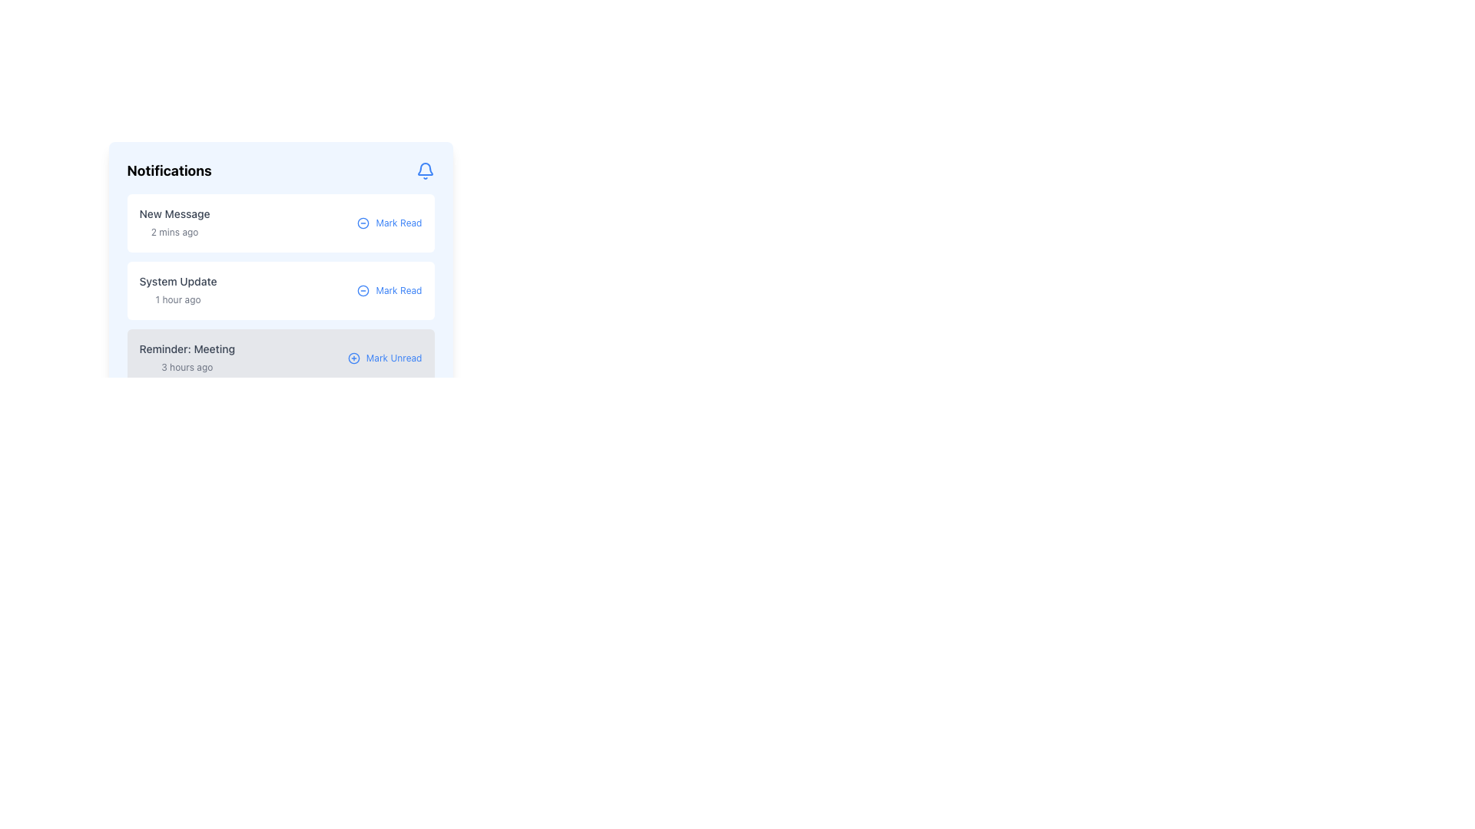 This screenshot has width=1475, height=829. What do you see at coordinates (178, 290) in the screenshot?
I see `text element displaying 'System Update' and '1 hour ago' located in the middle notification card, above the 'Mark Read' button` at bounding box center [178, 290].